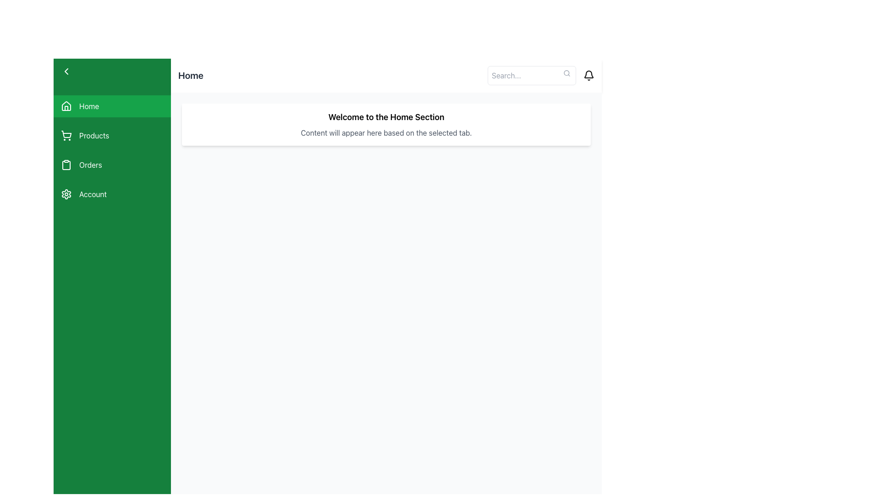  Describe the element at coordinates (66, 105) in the screenshot. I see `the 'Home' icon in the navigation bar` at that location.